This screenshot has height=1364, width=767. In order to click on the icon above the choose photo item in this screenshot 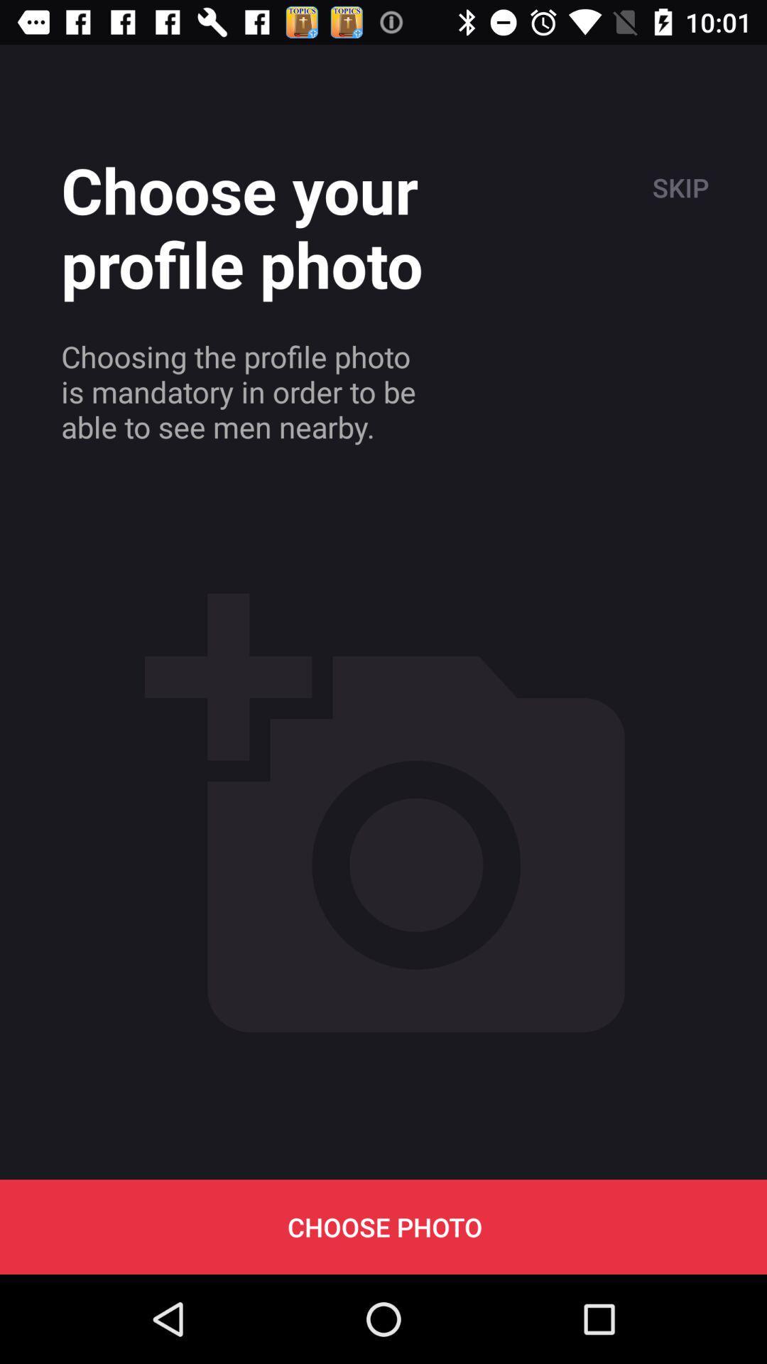, I will do `click(678, 187)`.